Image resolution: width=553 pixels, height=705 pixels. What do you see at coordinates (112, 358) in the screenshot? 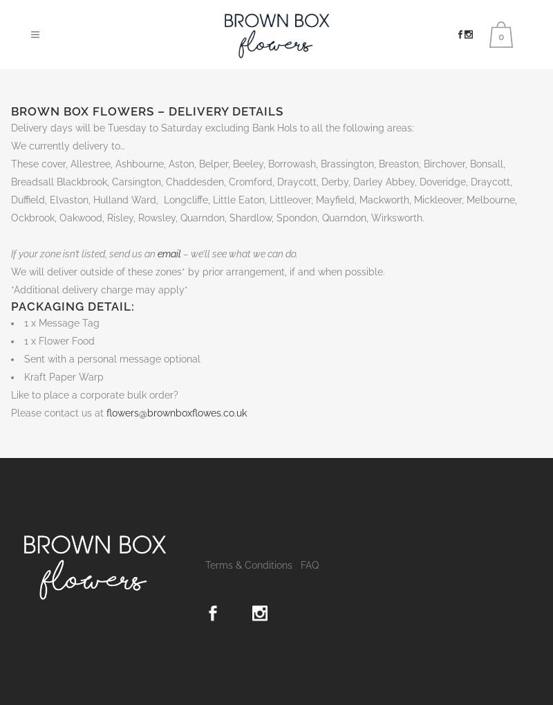
I see `'Sent with a personal message optional'` at bounding box center [112, 358].